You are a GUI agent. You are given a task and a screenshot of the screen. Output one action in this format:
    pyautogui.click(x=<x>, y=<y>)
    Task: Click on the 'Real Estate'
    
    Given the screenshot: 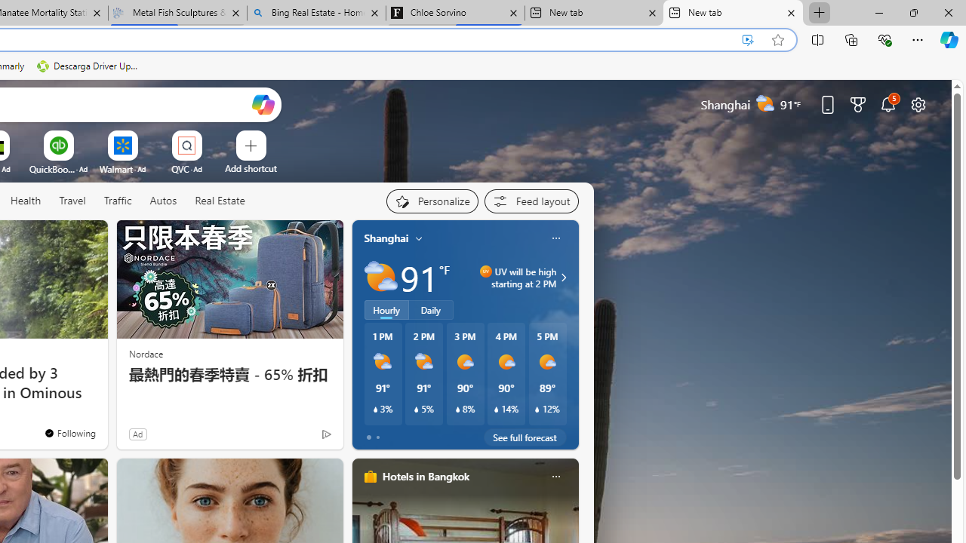 What is the action you would take?
    pyautogui.click(x=219, y=201)
    